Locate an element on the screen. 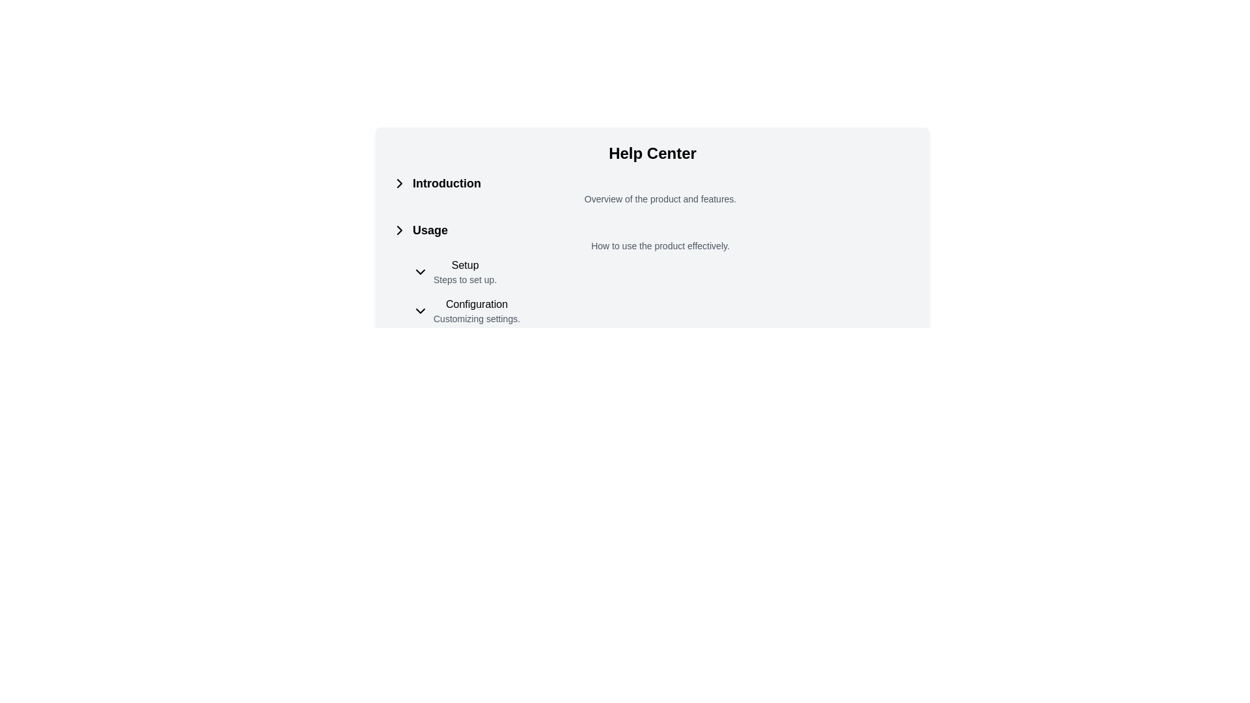 Image resolution: width=1250 pixels, height=703 pixels. the navigational label consisting of the heading 'Setup' and the subtitle 'Steps to set up.' located under the 'Usage' category is located at coordinates (465, 271).